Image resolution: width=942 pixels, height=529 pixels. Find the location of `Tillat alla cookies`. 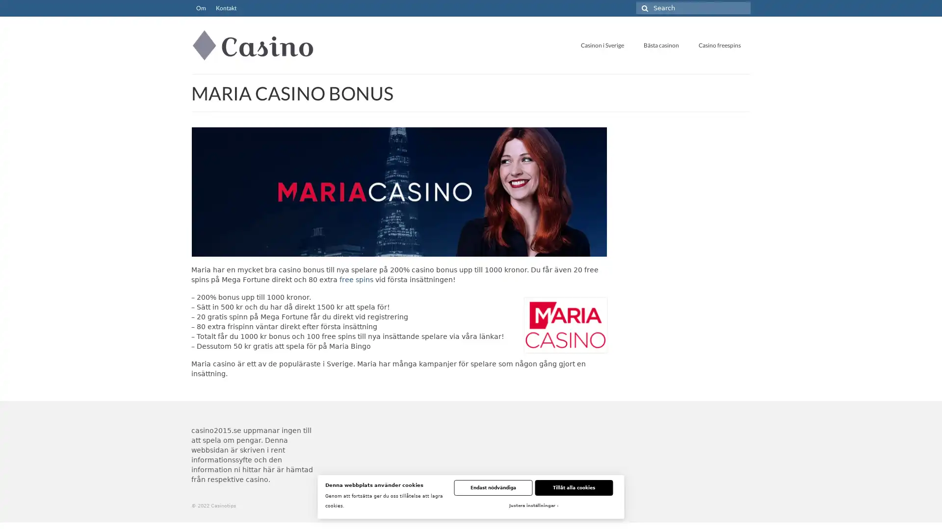

Tillat alla cookies is located at coordinates (574, 487).